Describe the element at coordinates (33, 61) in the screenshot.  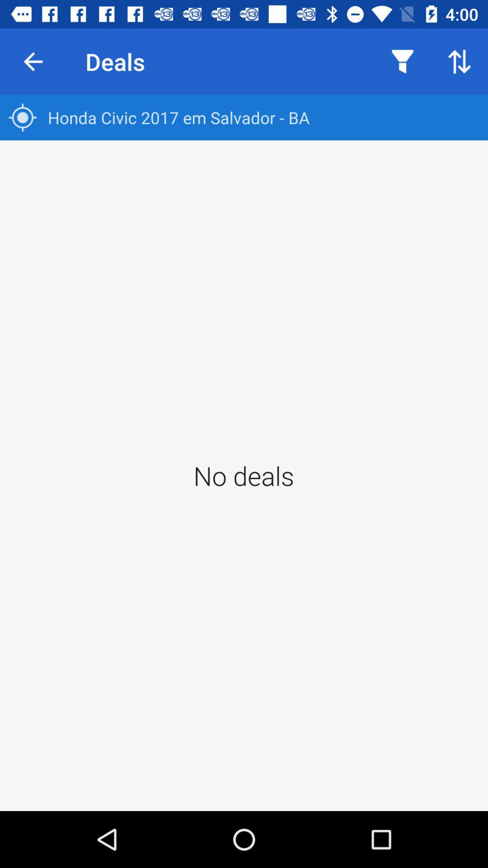
I see `icon above honda civic 2017 icon` at that location.